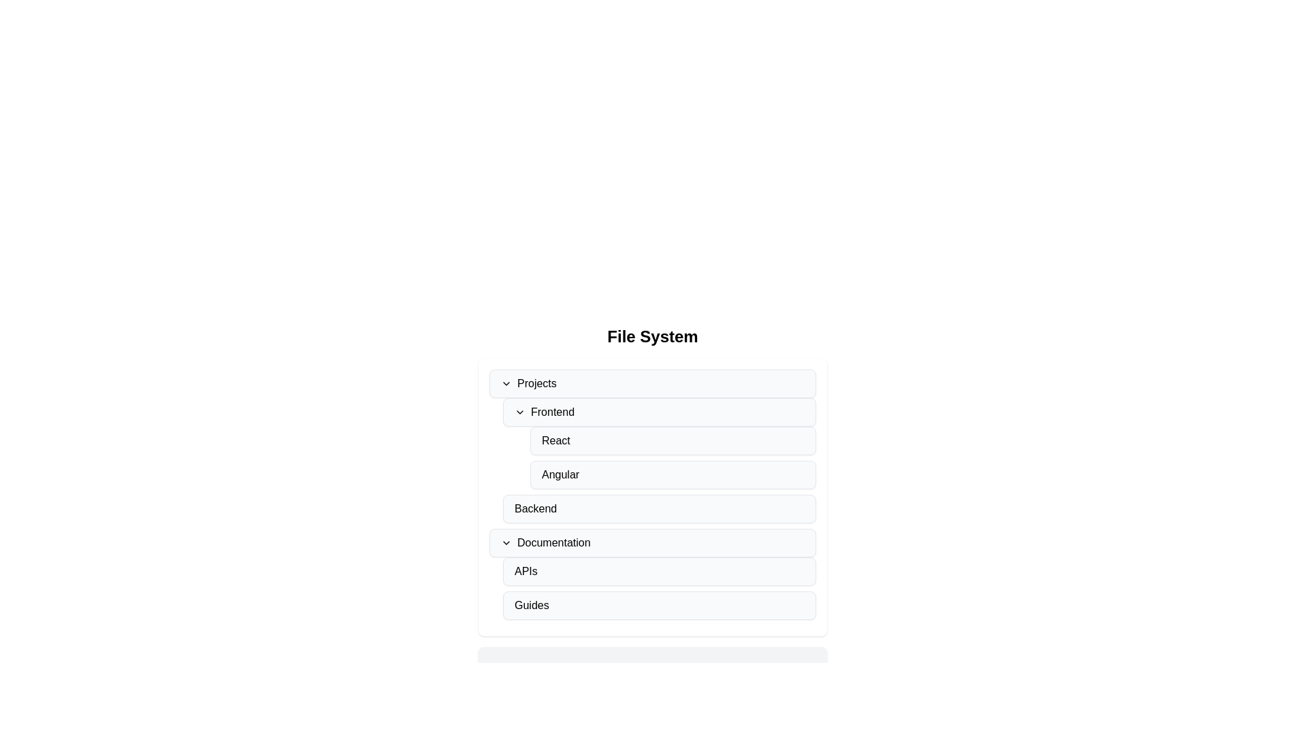 Image resolution: width=1307 pixels, height=735 pixels. Describe the element at coordinates (535, 509) in the screenshot. I see `the 'Backend' navigational list item located in the 'File System' interface under the 'Projects' section, directly beneath 'React' and 'Angular'` at that location.